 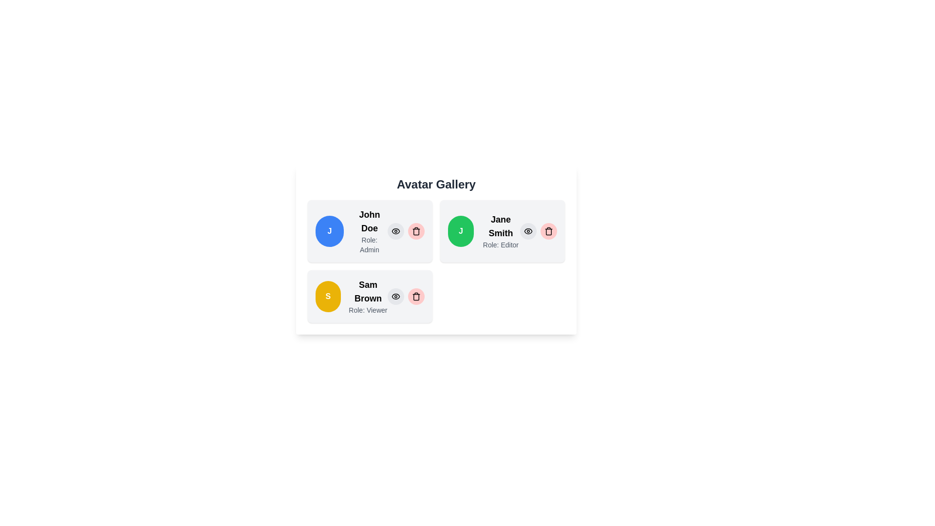 I want to click on the 'Editor' text label located below the 'Jane Smith' label in the top-right item of the grid layout in the 'Avatar Gallery', so click(x=501, y=244).